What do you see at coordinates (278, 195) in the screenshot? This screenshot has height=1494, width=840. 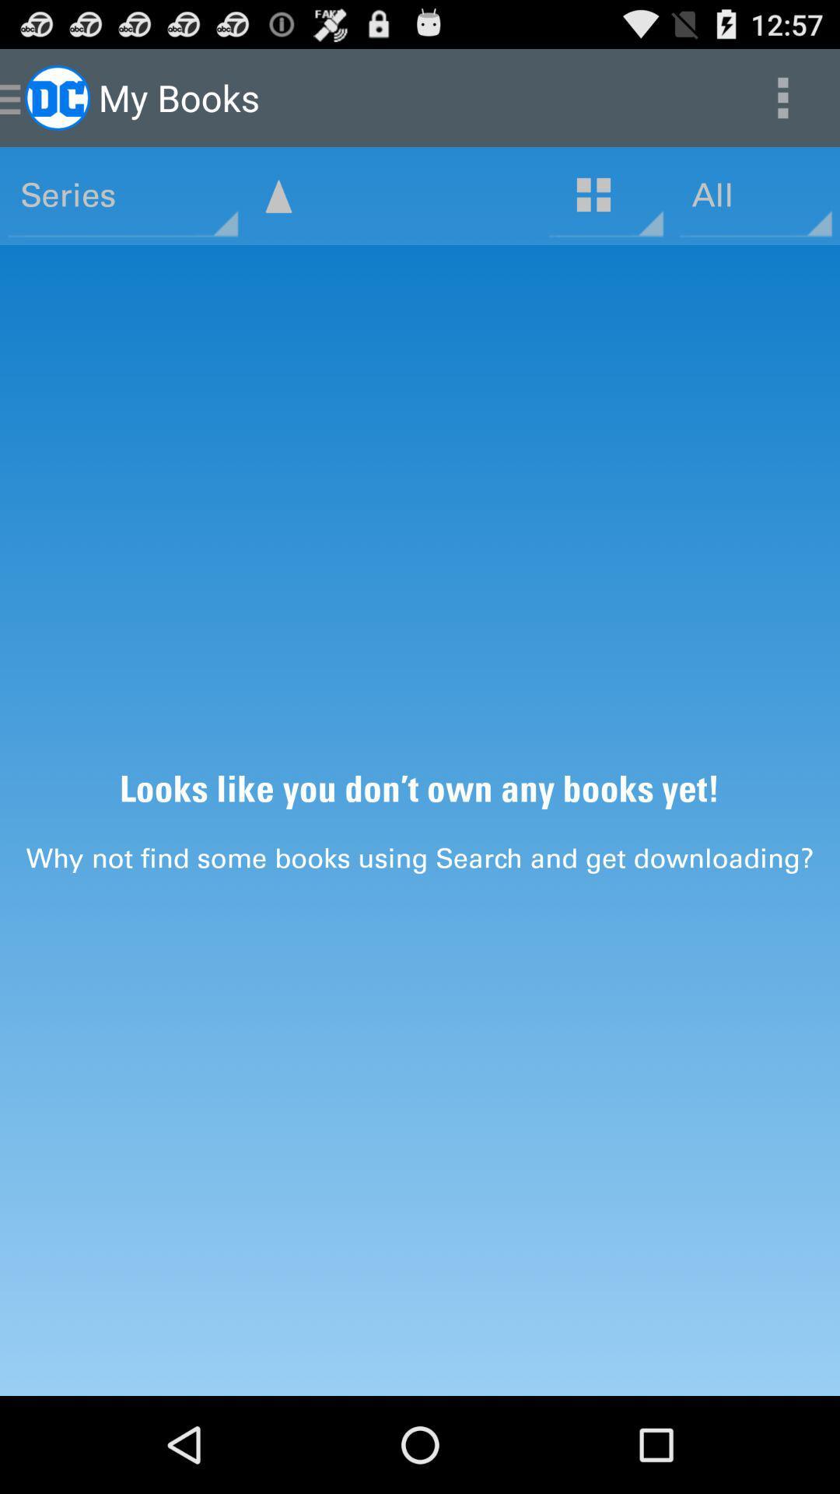 I see `the item next to series icon` at bounding box center [278, 195].